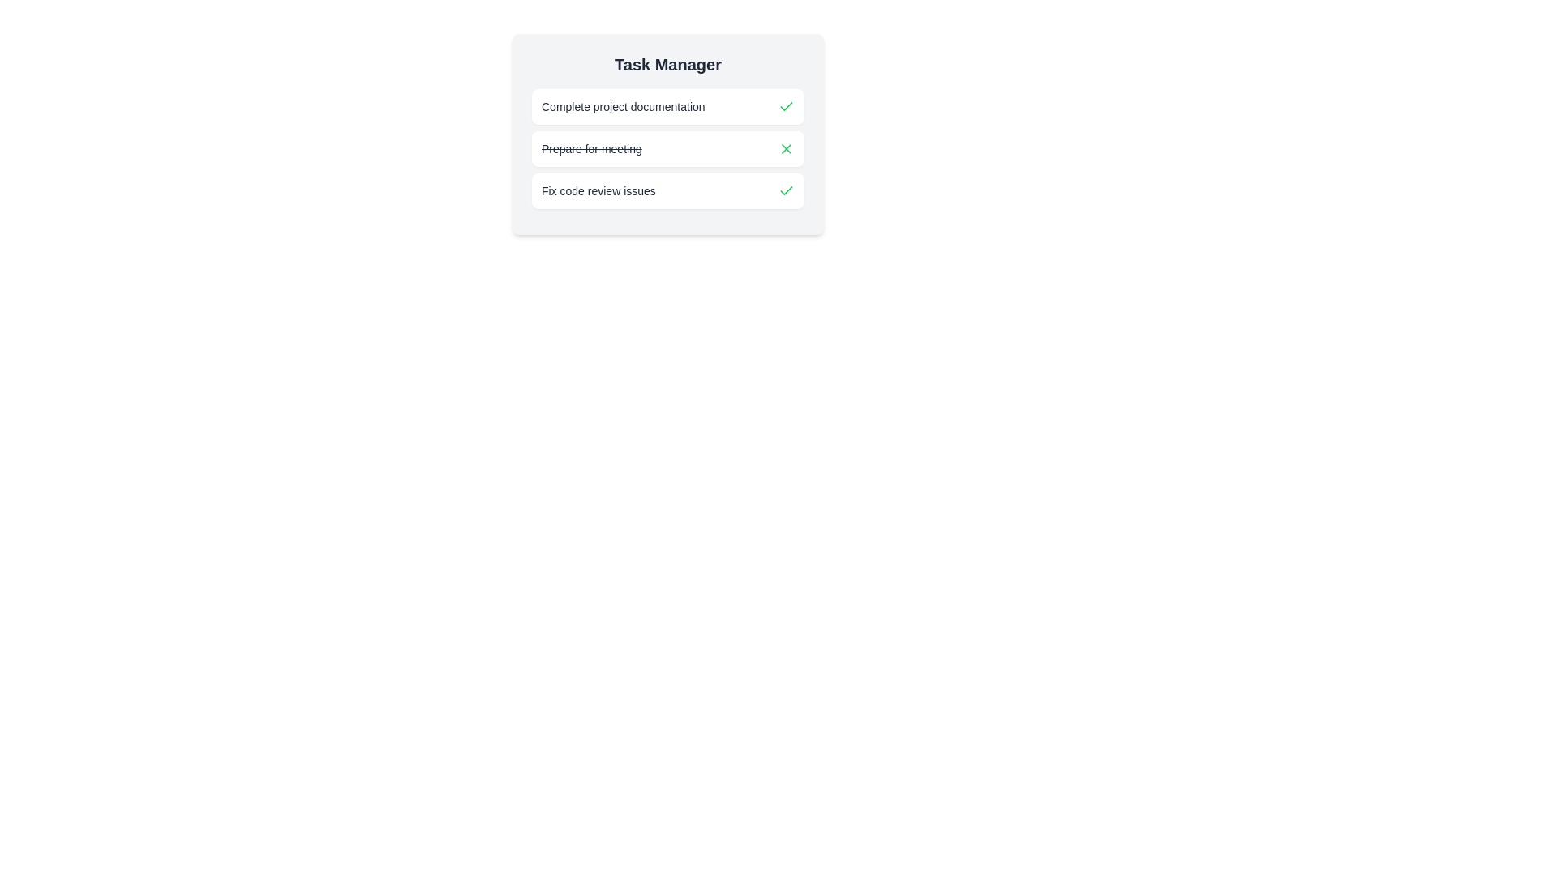  What do you see at coordinates (786, 106) in the screenshot?
I see `the green check icon button located in the top-right corner of the first task titled 'Complete project documentation' to mark the task as complete` at bounding box center [786, 106].